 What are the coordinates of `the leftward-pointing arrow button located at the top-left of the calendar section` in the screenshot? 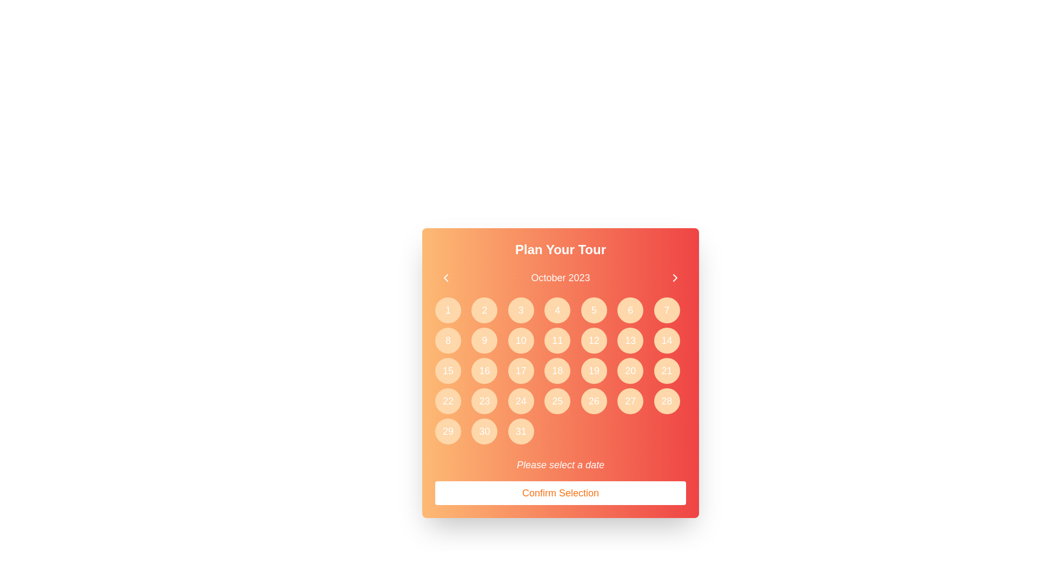 It's located at (446, 277).